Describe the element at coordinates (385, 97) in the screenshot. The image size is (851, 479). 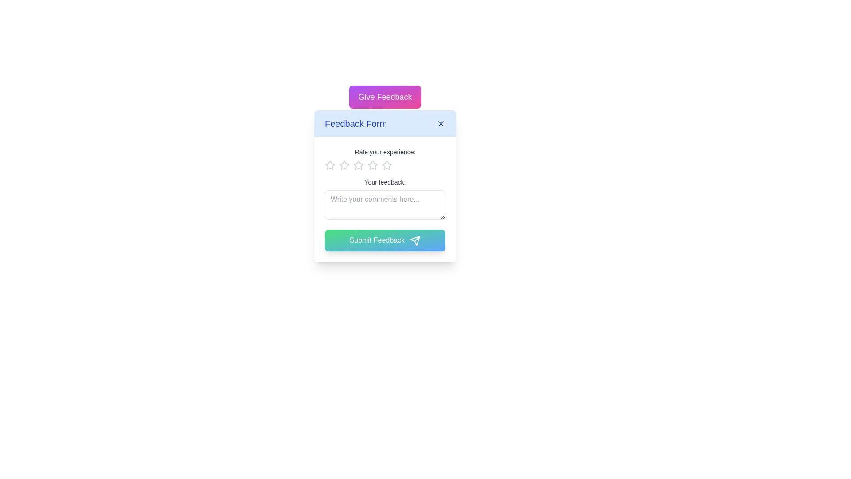
I see `the prominently styled 'Give Feedback' button with a gradient color scheme transitioning from purple to pink` at that location.